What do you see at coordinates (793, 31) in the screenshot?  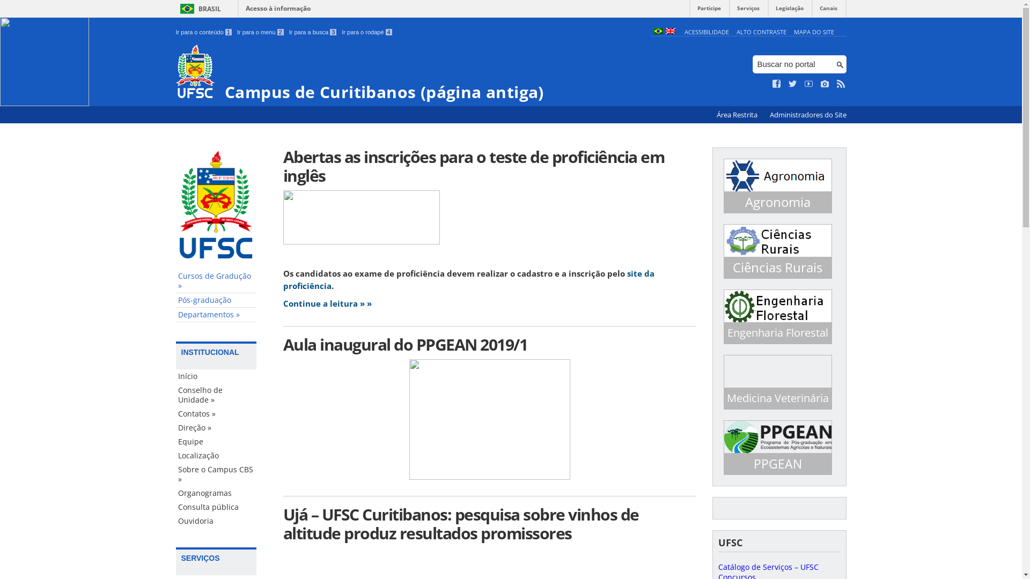 I see `'MAPA DO SITE'` at bounding box center [793, 31].